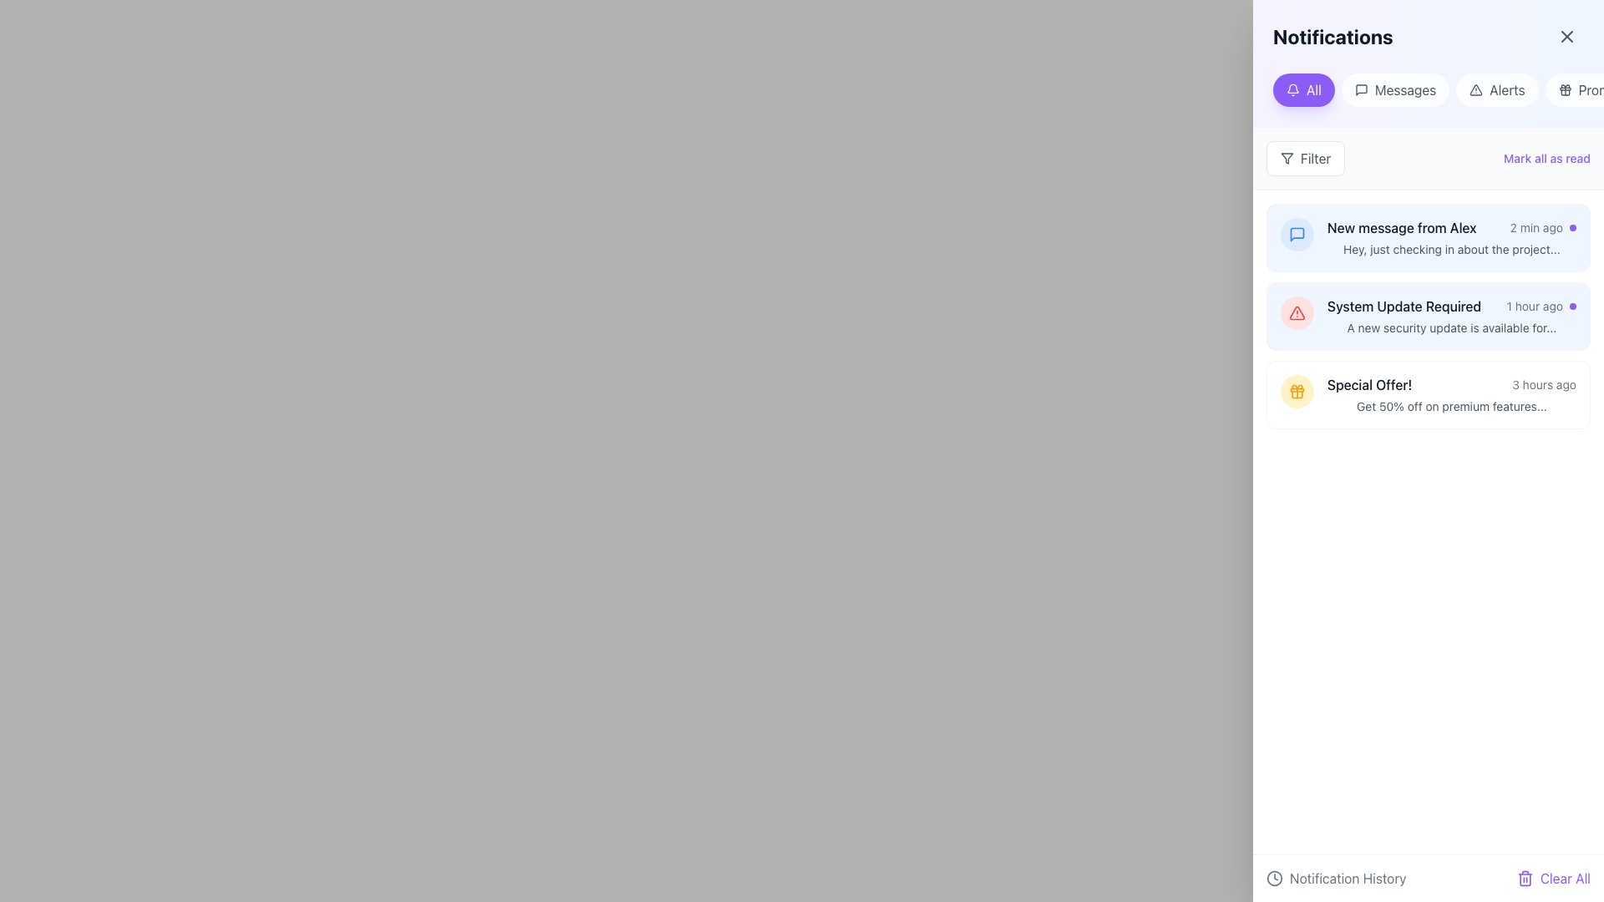 Image resolution: width=1604 pixels, height=902 pixels. What do you see at coordinates (1562, 238) in the screenshot?
I see `the icon button (ellipsis) located in the top right corner of the notification card titled 'New message from Alex'` at bounding box center [1562, 238].